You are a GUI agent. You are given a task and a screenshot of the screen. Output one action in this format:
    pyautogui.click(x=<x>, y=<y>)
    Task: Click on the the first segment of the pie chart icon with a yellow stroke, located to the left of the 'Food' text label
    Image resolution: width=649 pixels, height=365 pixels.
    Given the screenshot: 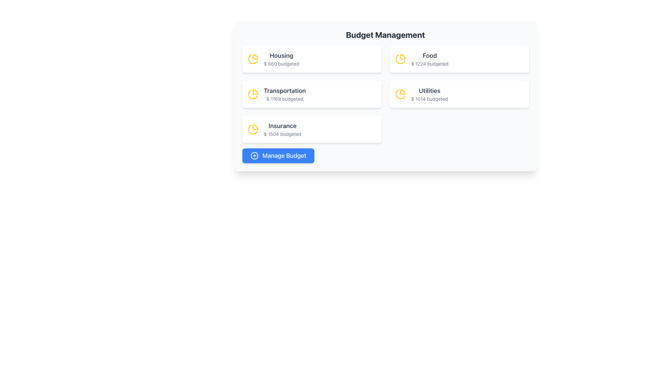 What is the action you would take?
    pyautogui.click(x=403, y=56)
    